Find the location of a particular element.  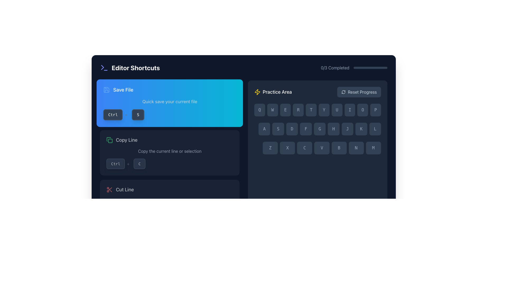

the button representing the letter 'U' in the Practice Area, which is the seventh button in the top row of the keyboard layout is located at coordinates (337, 110).